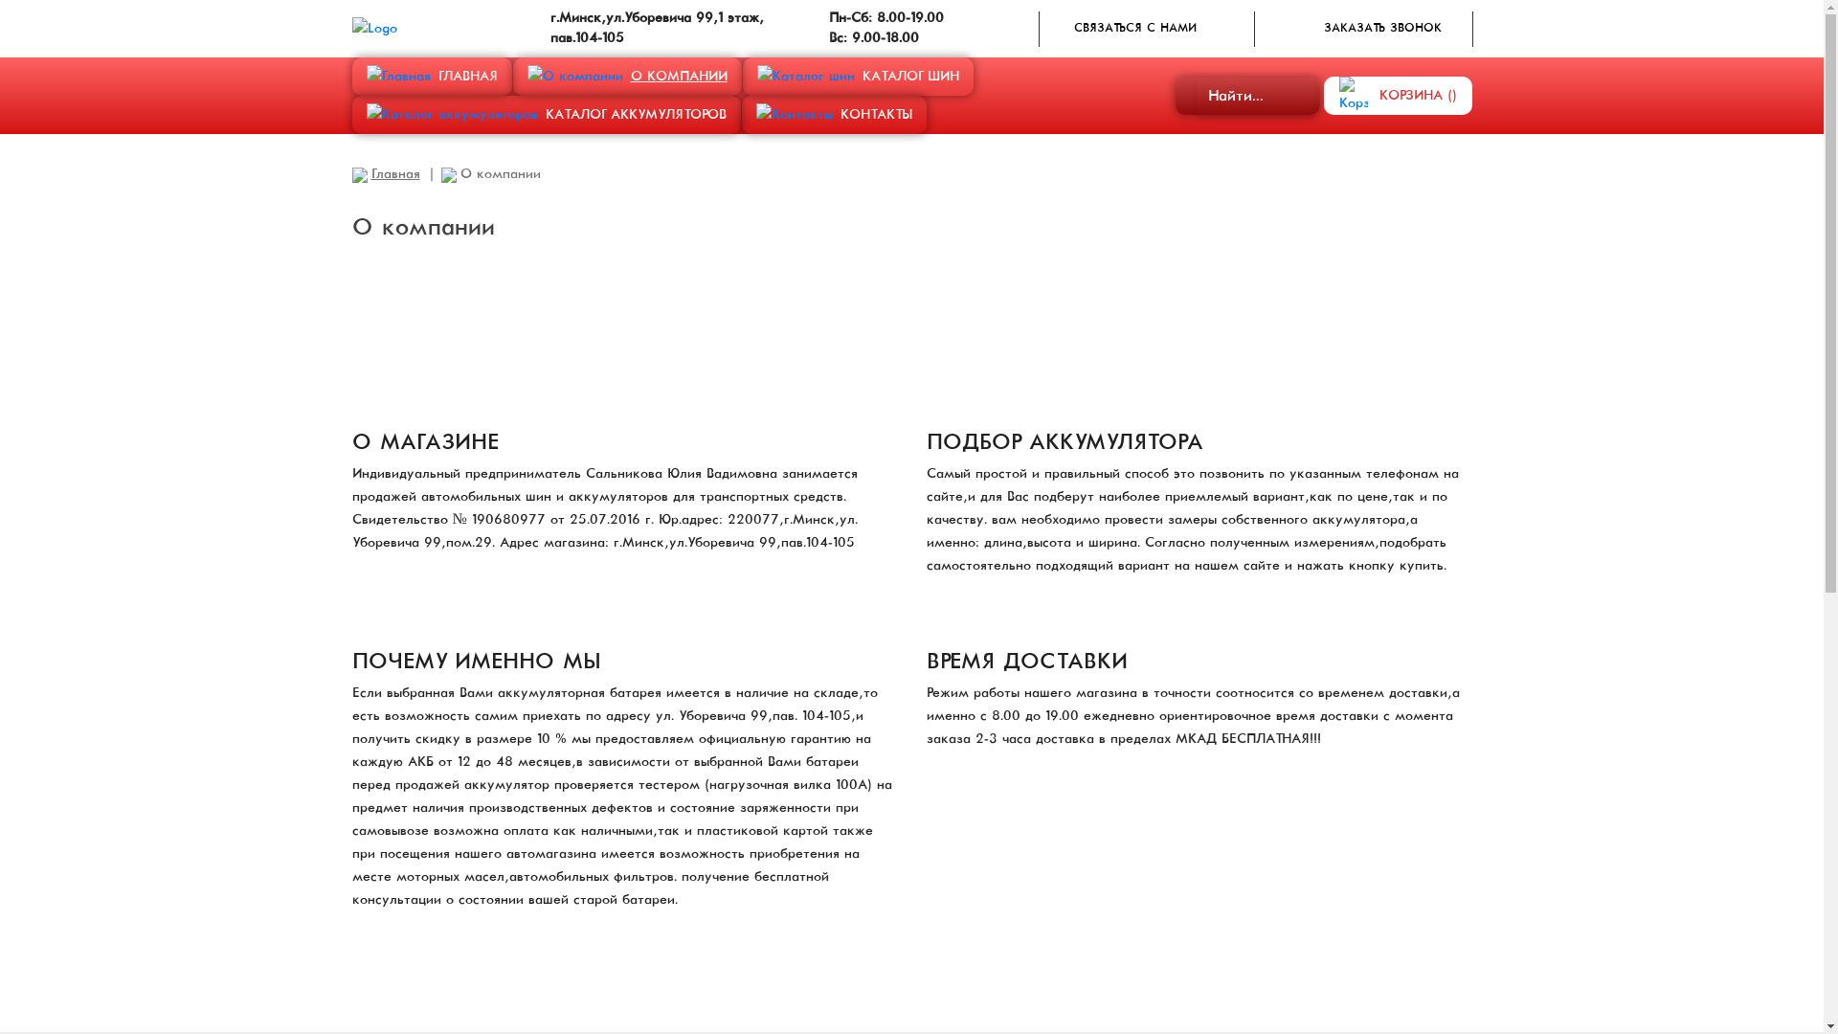 This screenshot has width=1838, height=1034. Describe the element at coordinates (374, 29) in the screenshot. I see `'Logo'` at that location.